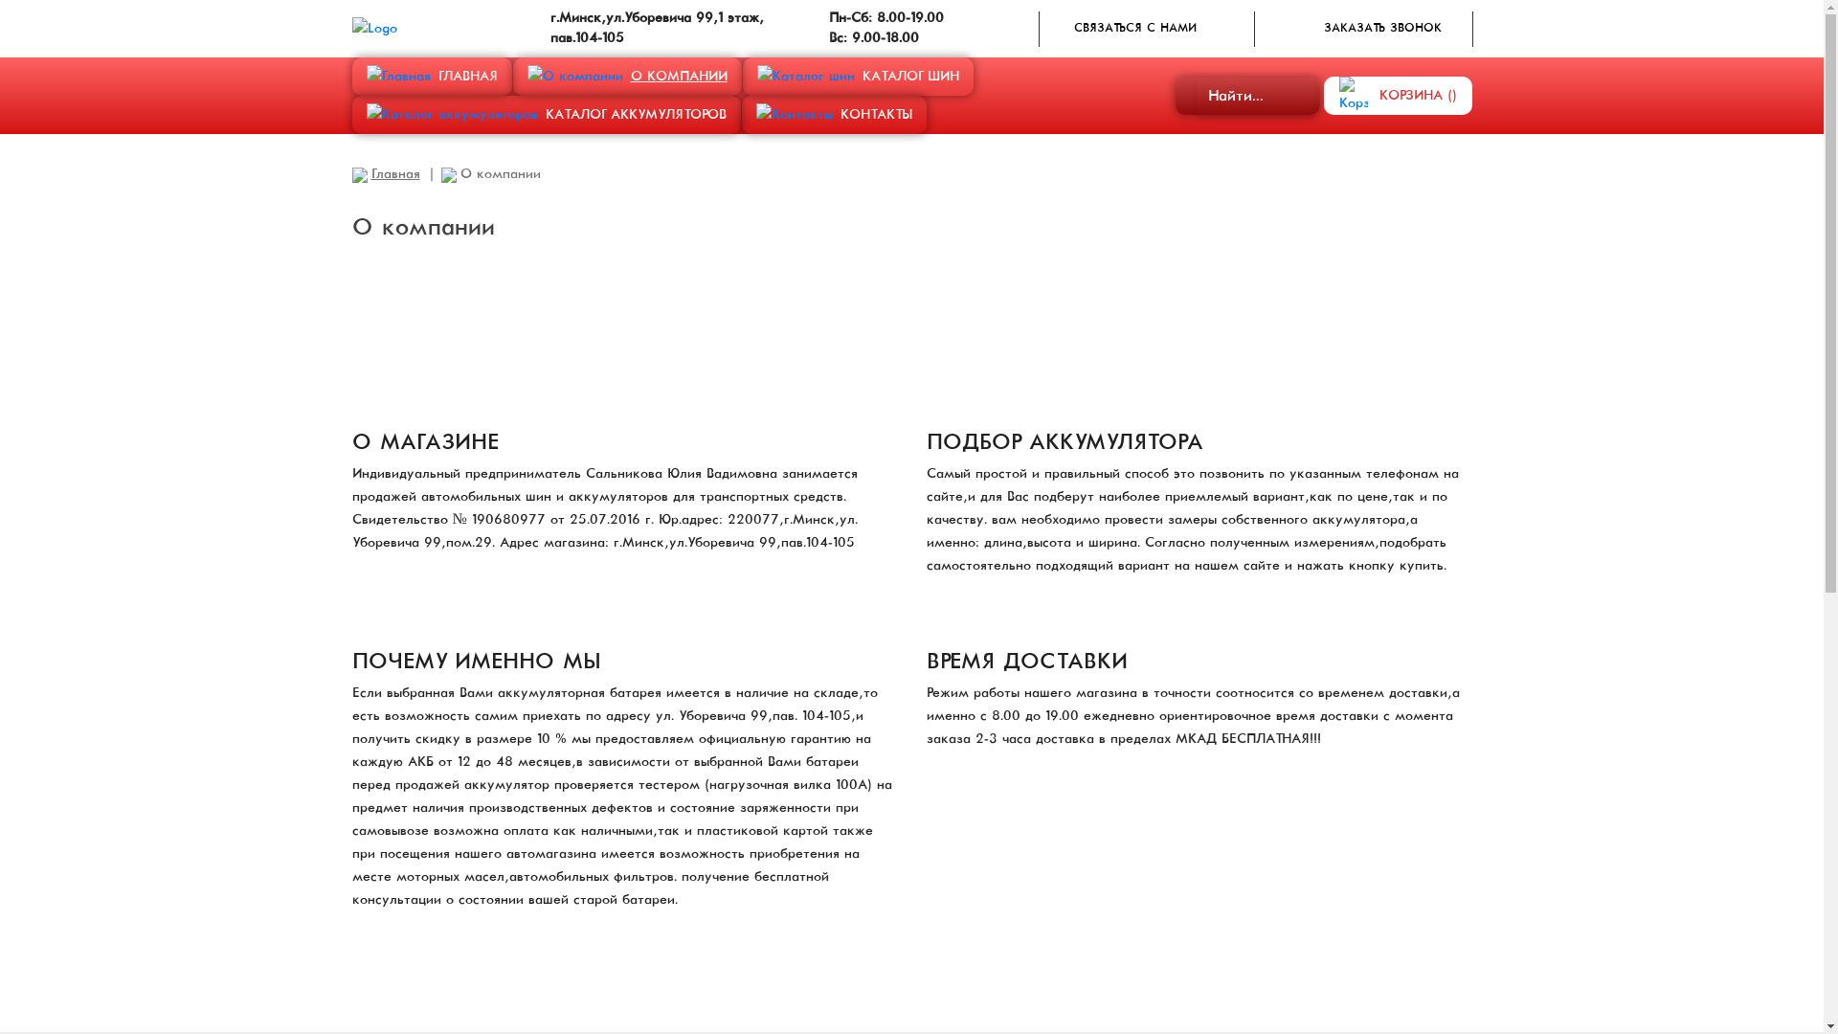 This screenshot has width=1838, height=1034. Describe the element at coordinates (374, 29) in the screenshot. I see `'Logo'` at that location.